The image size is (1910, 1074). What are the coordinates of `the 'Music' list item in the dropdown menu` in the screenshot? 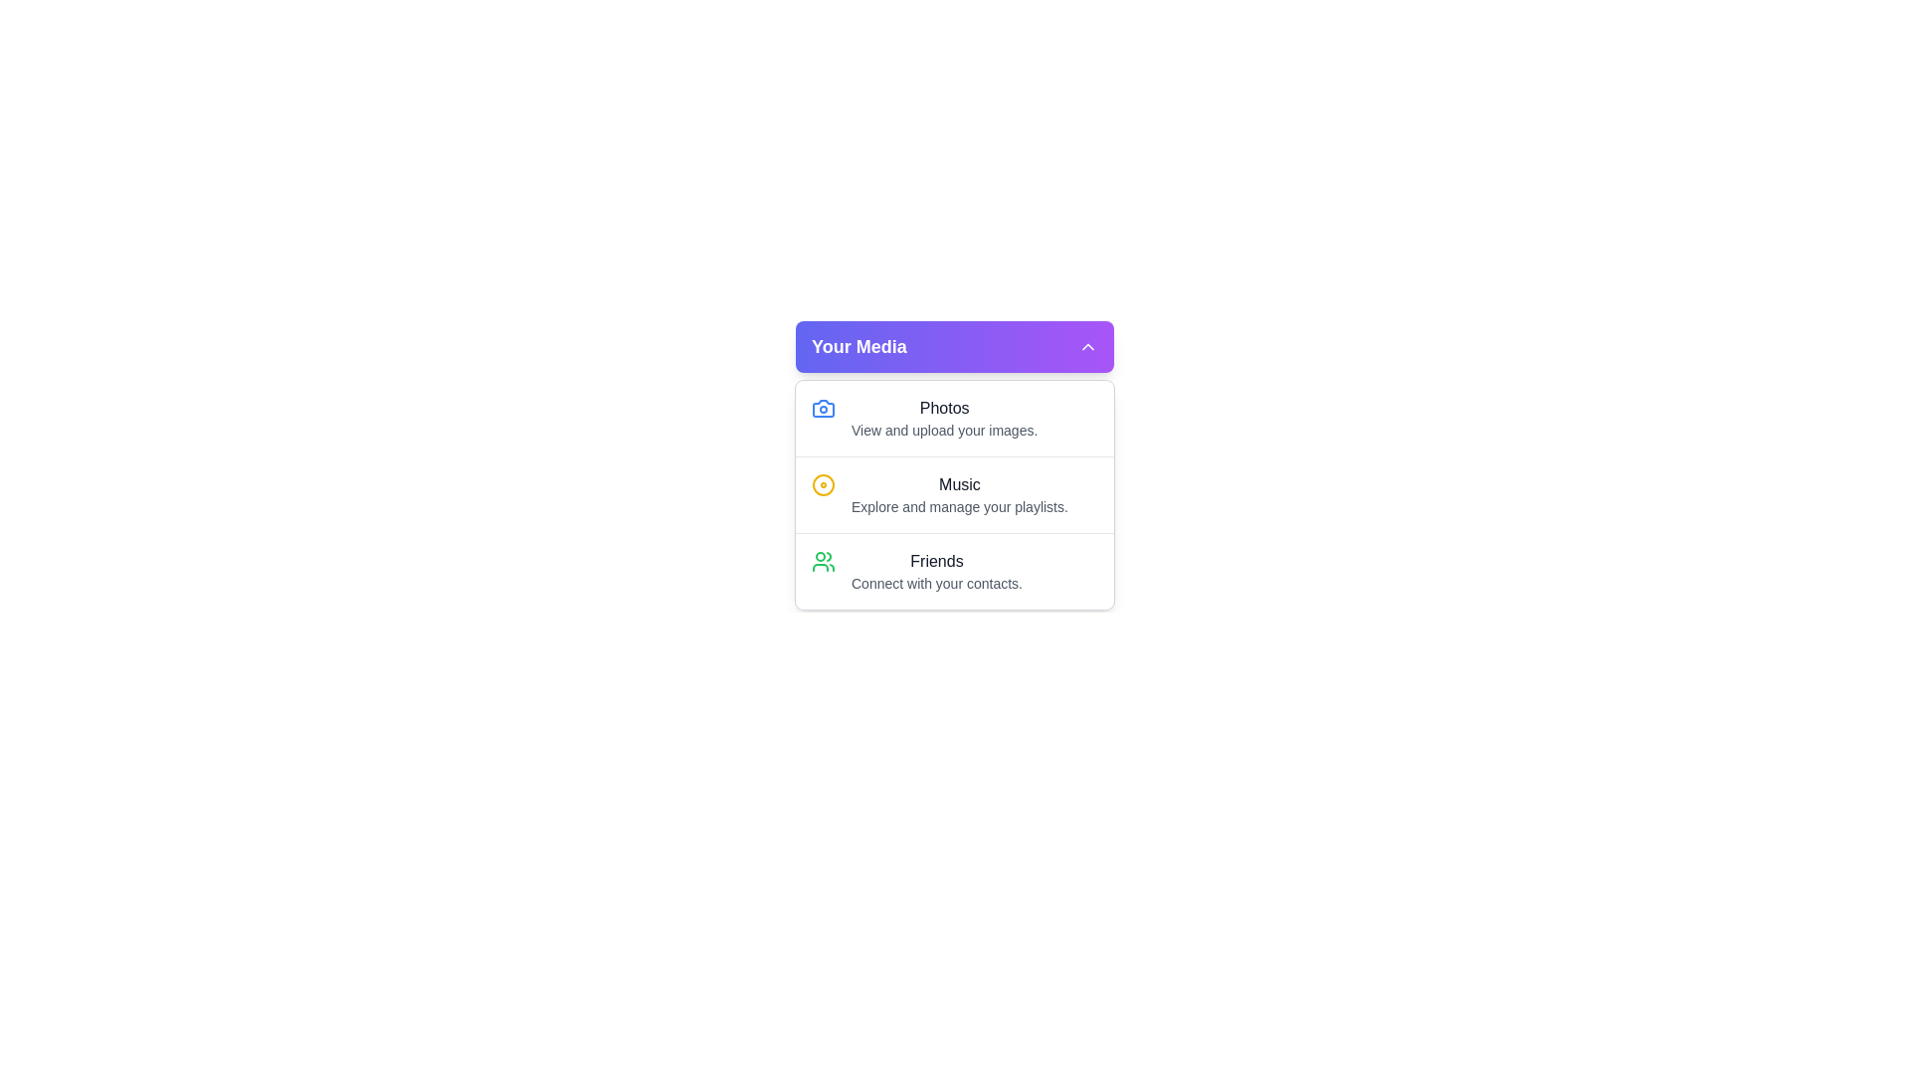 It's located at (955, 493).